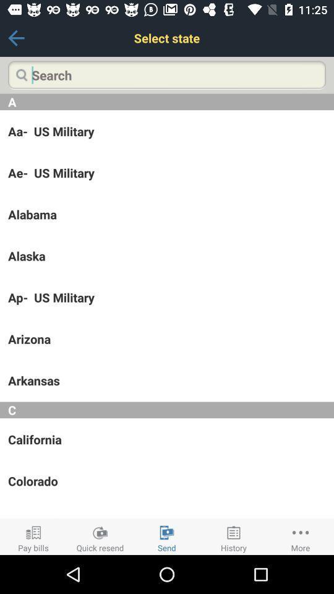 The height and width of the screenshot is (594, 334). I want to click on the icon next to the select state icon, so click(15, 38).